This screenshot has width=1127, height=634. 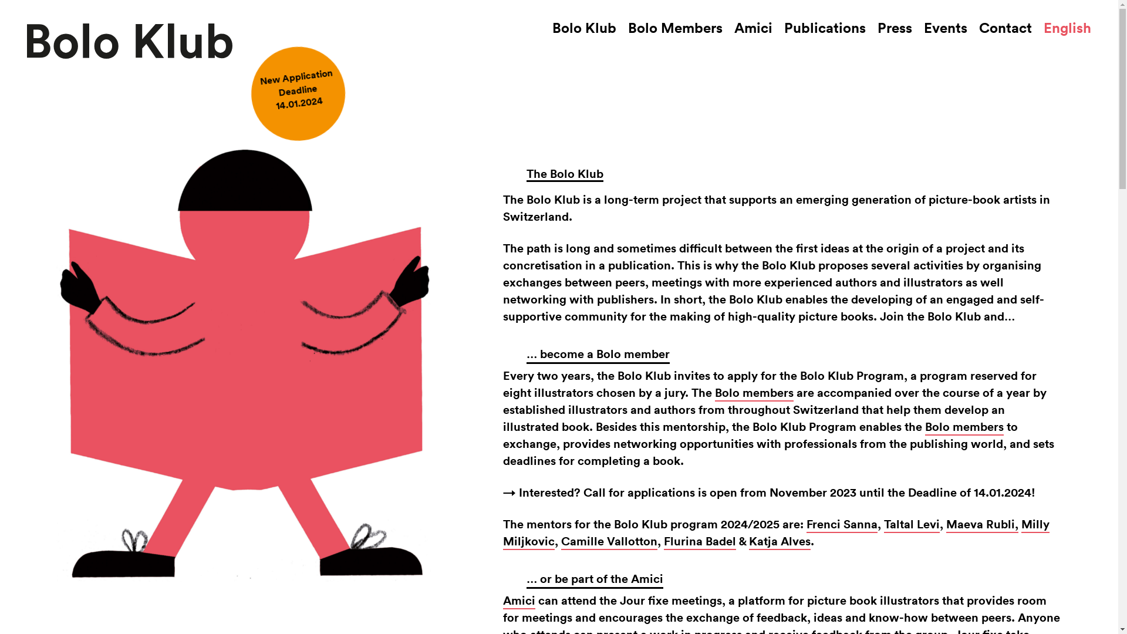 What do you see at coordinates (700, 541) in the screenshot?
I see `'Flurina Badel'` at bounding box center [700, 541].